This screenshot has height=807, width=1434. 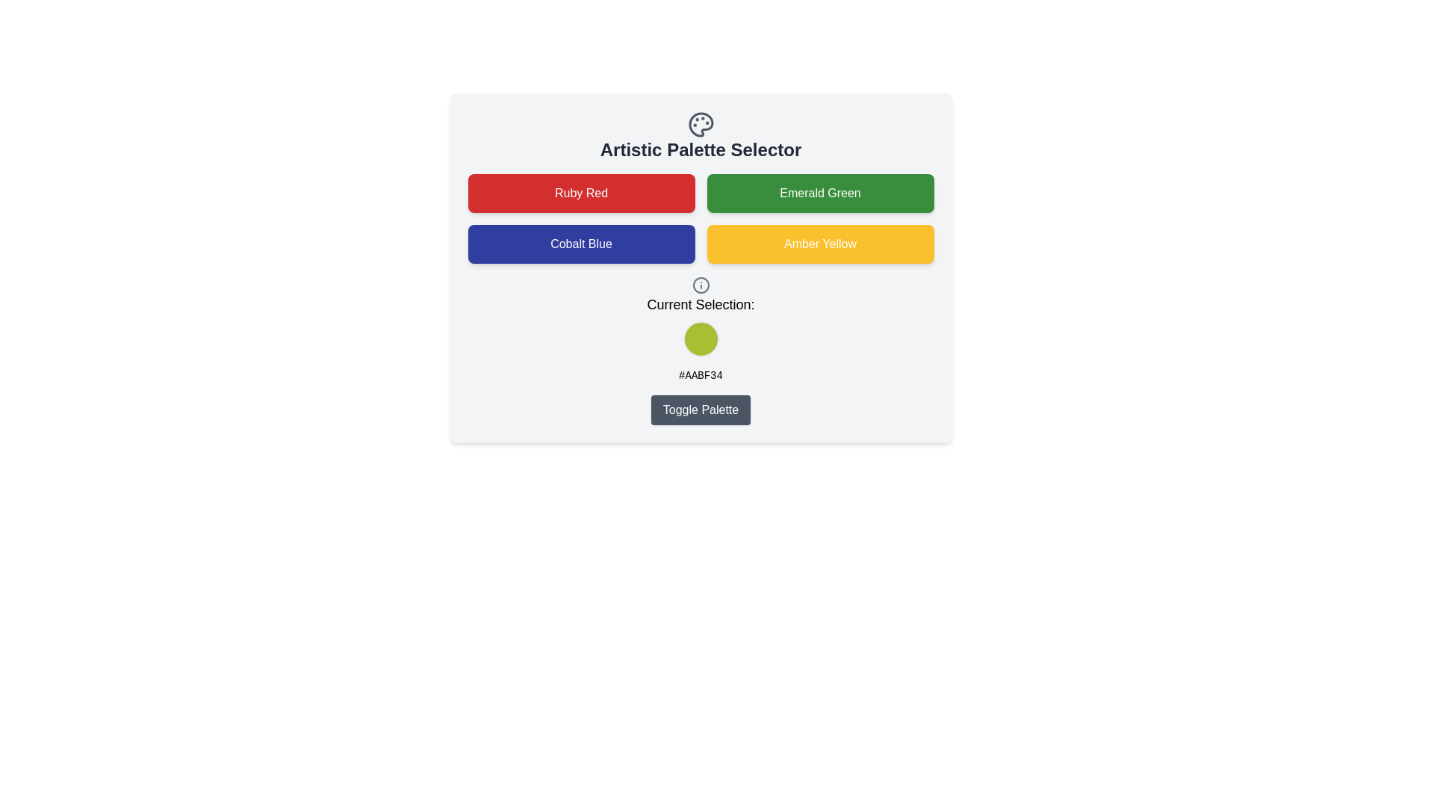 I want to click on the Icon segment of the artistic palette illustration, which is styled in shades of gray and is part of the larger vector graphic, located above the 'Artistic Palette Selector' heading, so click(x=700, y=123).